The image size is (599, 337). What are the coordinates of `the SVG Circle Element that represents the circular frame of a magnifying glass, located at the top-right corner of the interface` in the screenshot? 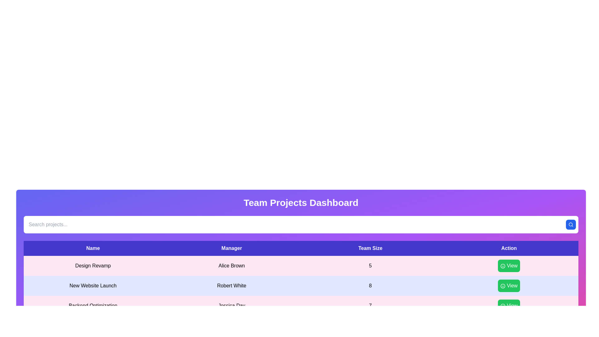 It's located at (571, 224).